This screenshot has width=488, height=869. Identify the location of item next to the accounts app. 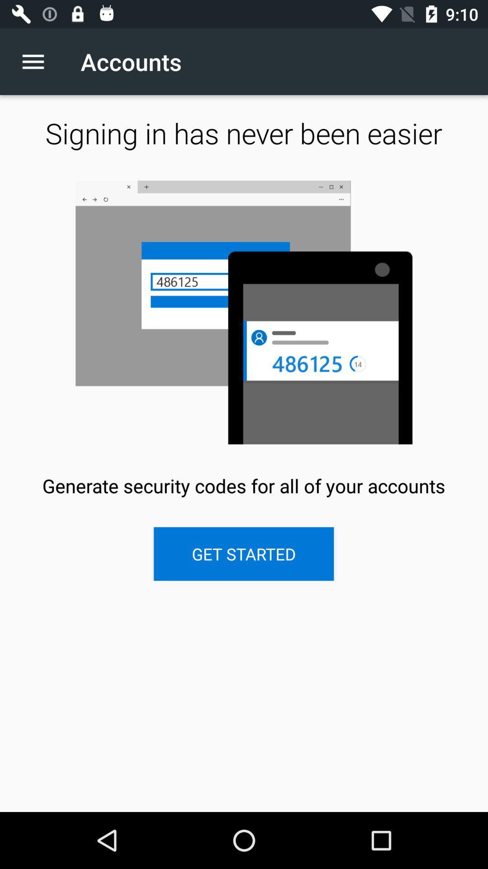
(38, 61).